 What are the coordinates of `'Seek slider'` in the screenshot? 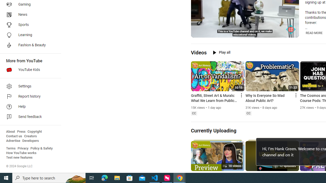 It's located at (245, 28).